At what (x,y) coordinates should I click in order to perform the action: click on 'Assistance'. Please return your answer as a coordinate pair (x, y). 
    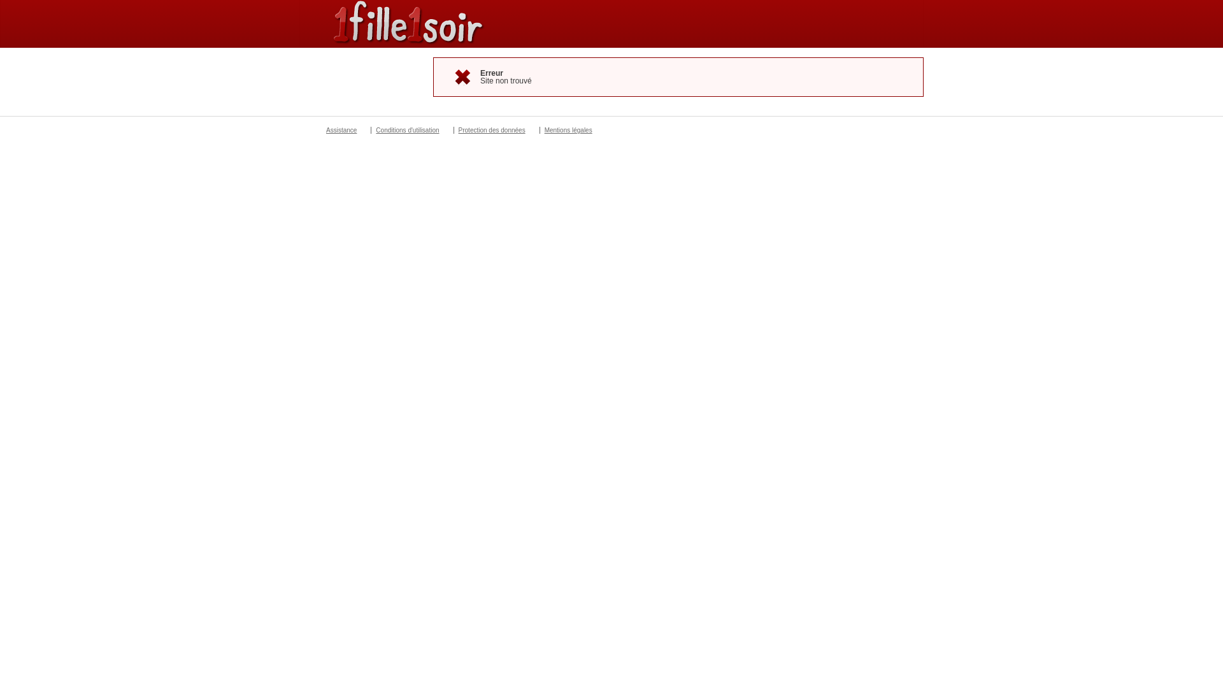
    Looking at the image, I should click on (341, 130).